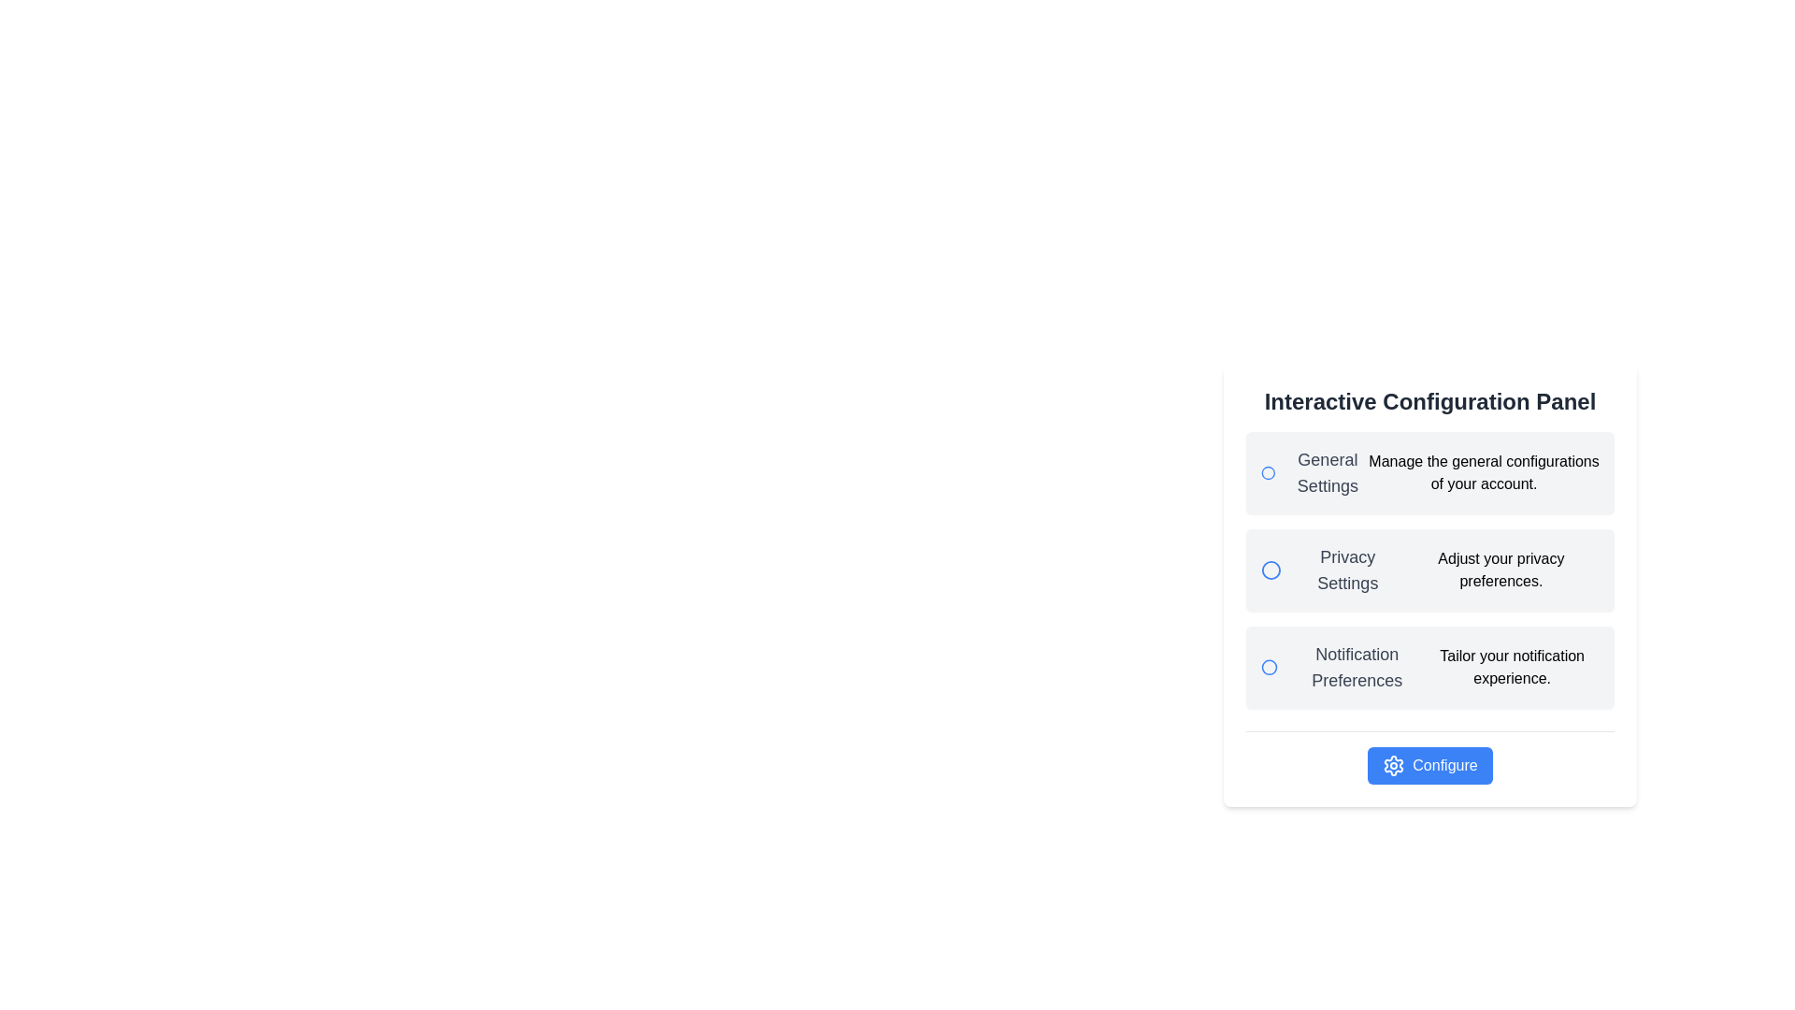 This screenshot has width=1795, height=1010. I want to click on the Text Label that describes the notification preferences section, located to the right of a small blue circular icon in the third group of a vertical list, so click(1357, 666).